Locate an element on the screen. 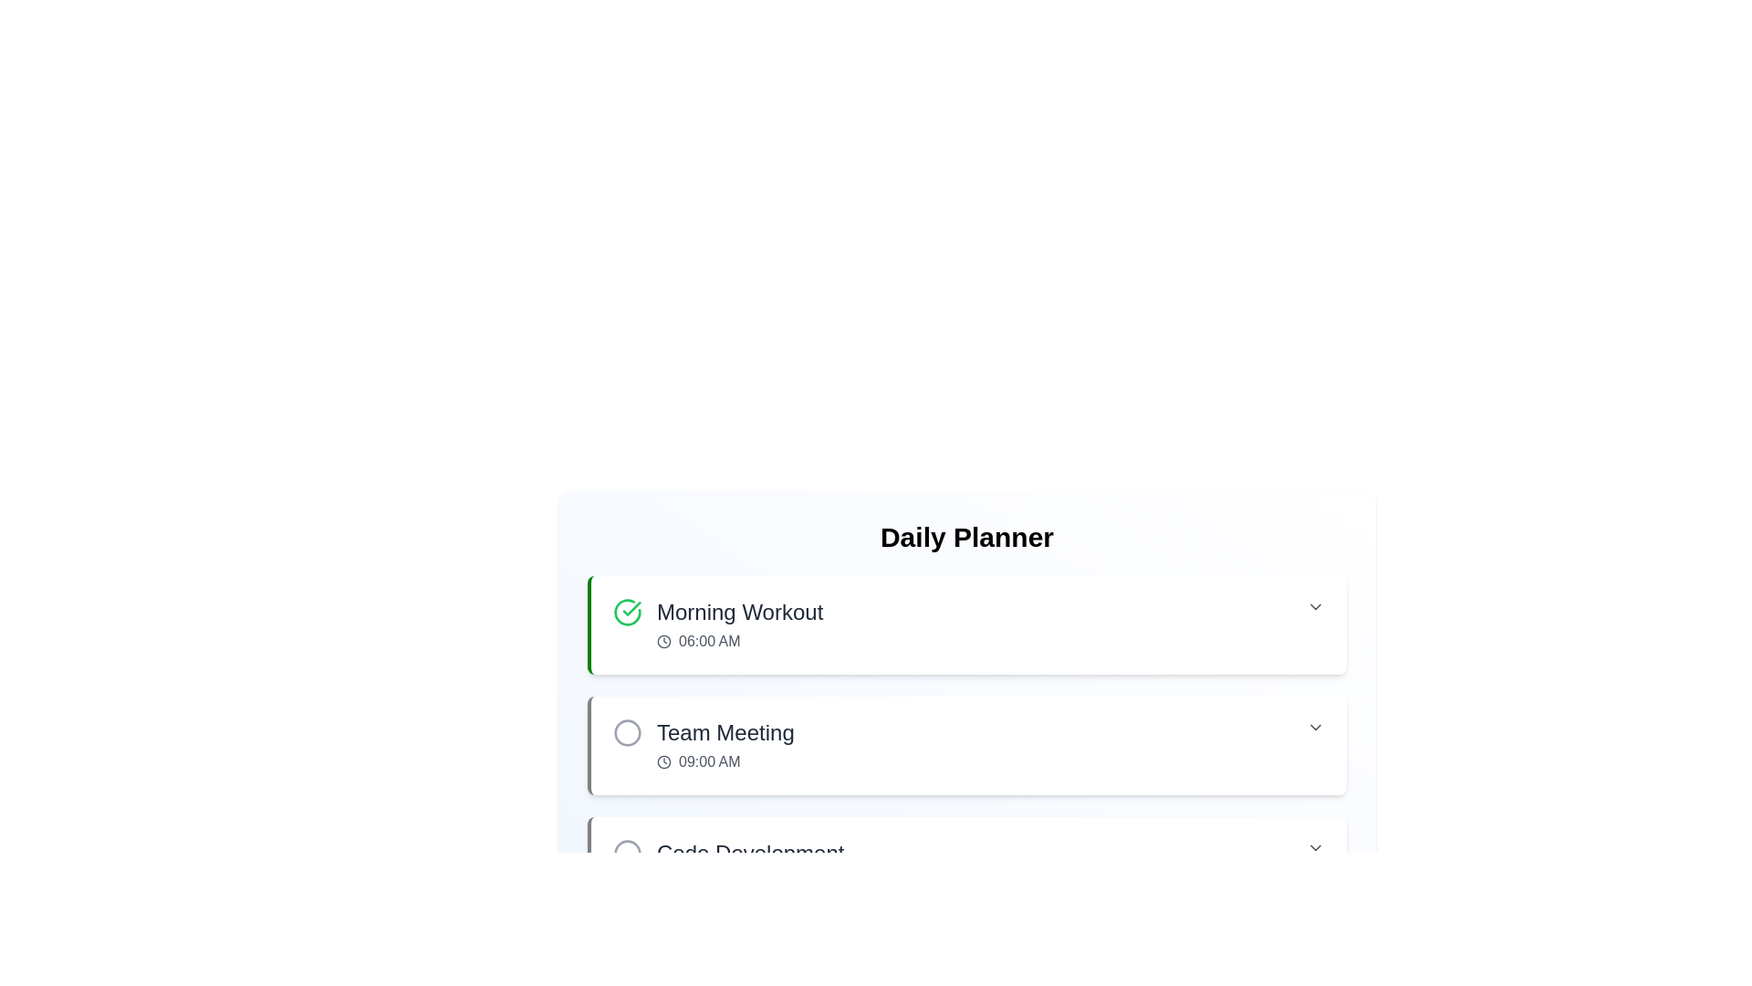 This screenshot has height=986, width=1752. the SVG circle element styled with a dark stroke, which is part of the clock icon next to the text '06:00 AM' in the Daily Planner interface is located at coordinates (663, 640).